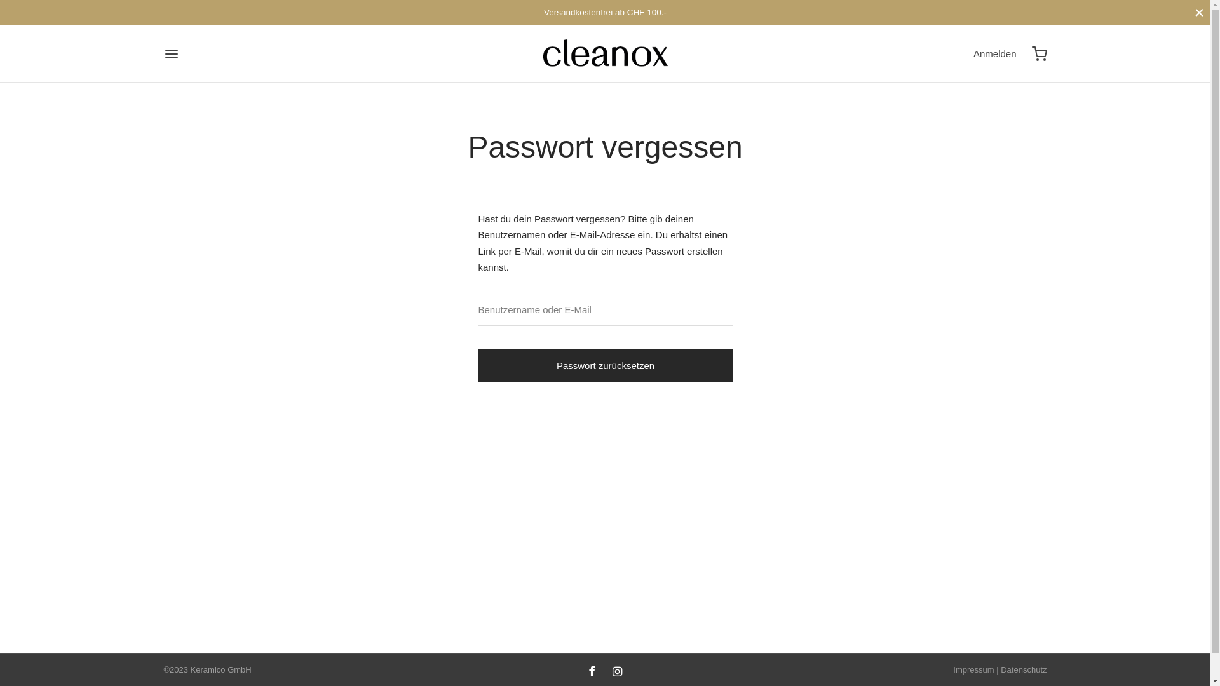 This screenshot has width=1220, height=686. Describe the element at coordinates (994, 53) in the screenshot. I see `'Anmelden'` at that location.